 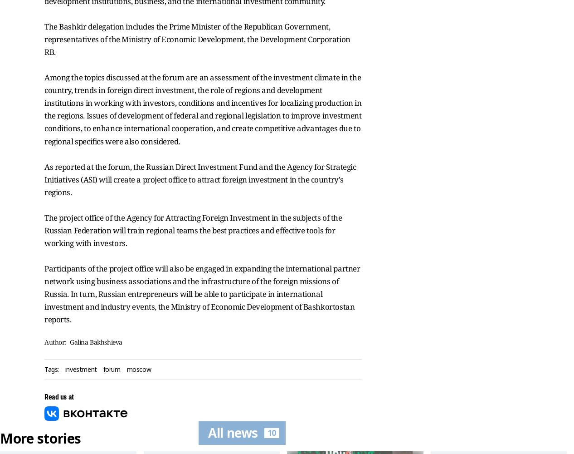 I want to click on 'Tags:', so click(x=51, y=369).